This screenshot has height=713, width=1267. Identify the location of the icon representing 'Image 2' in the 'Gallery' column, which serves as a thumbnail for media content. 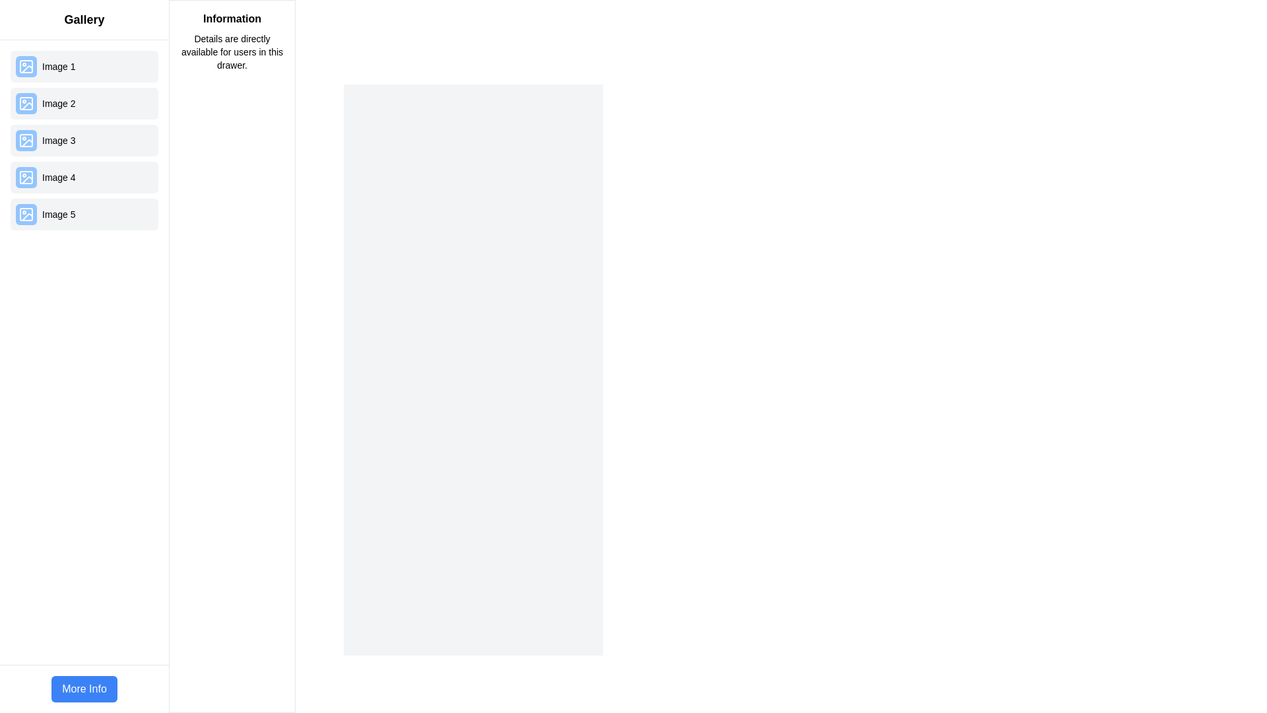
(26, 103).